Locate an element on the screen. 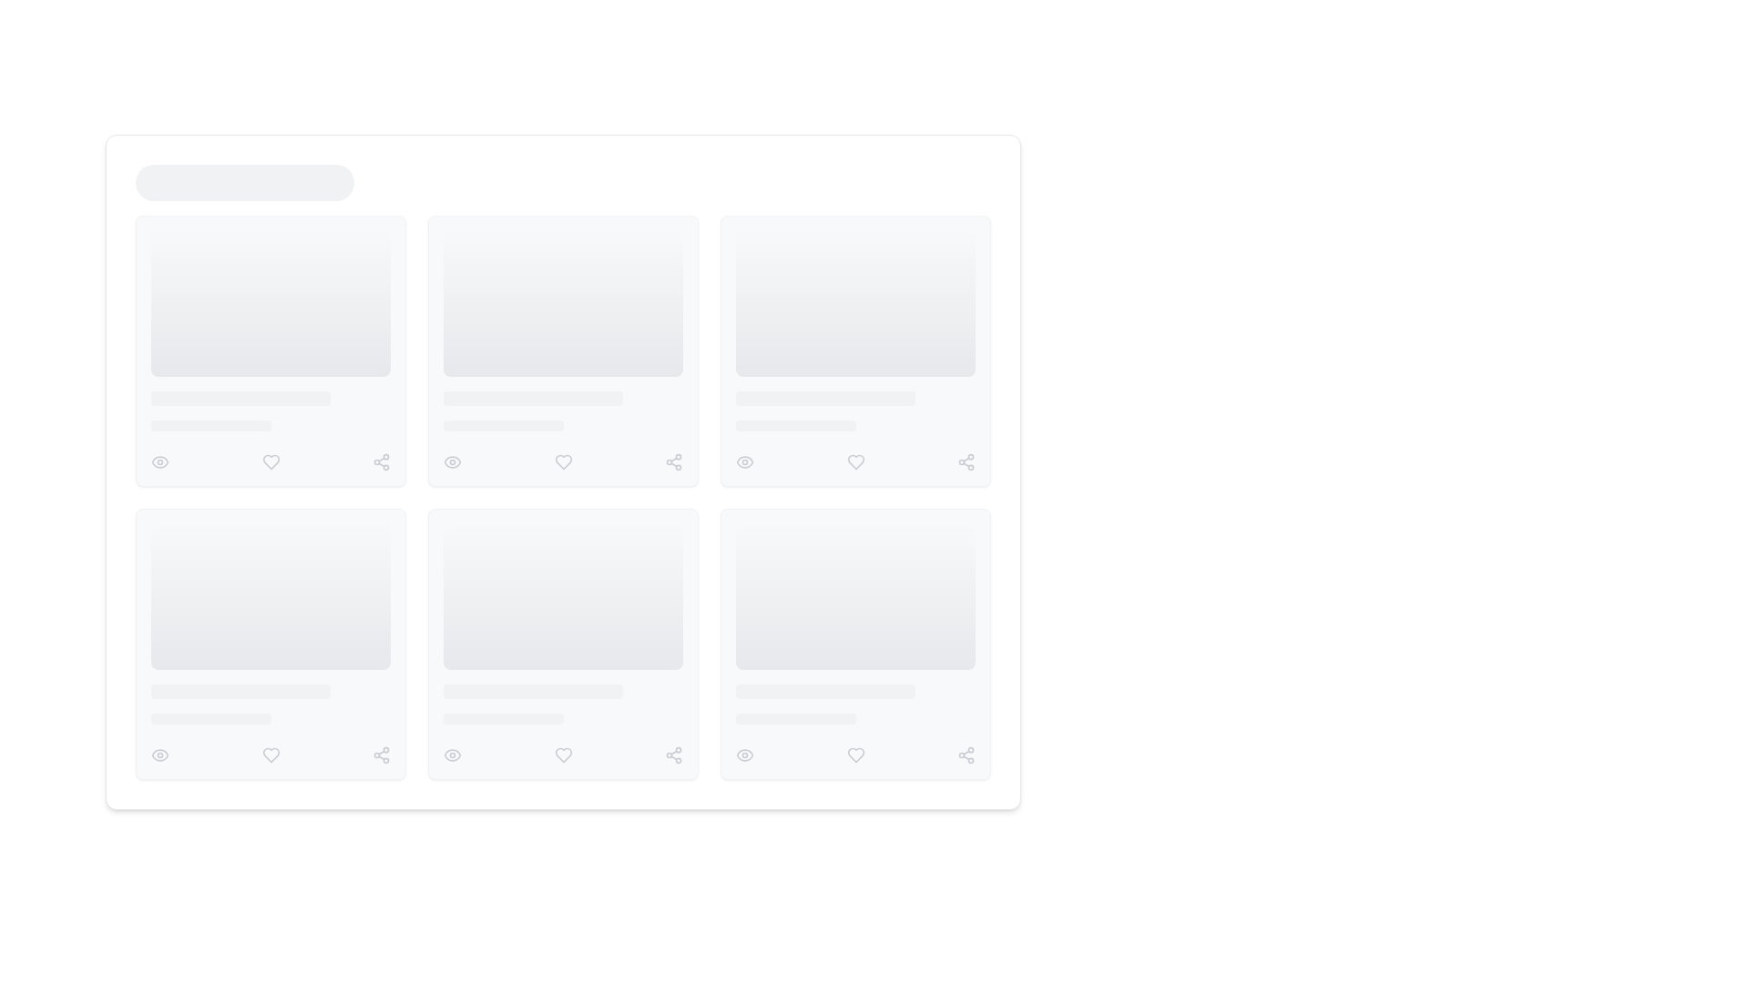 This screenshot has height=983, width=1749. the share icon, which is the third icon from the left in a horizontal row beneath an image or card is located at coordinates (380, 461).